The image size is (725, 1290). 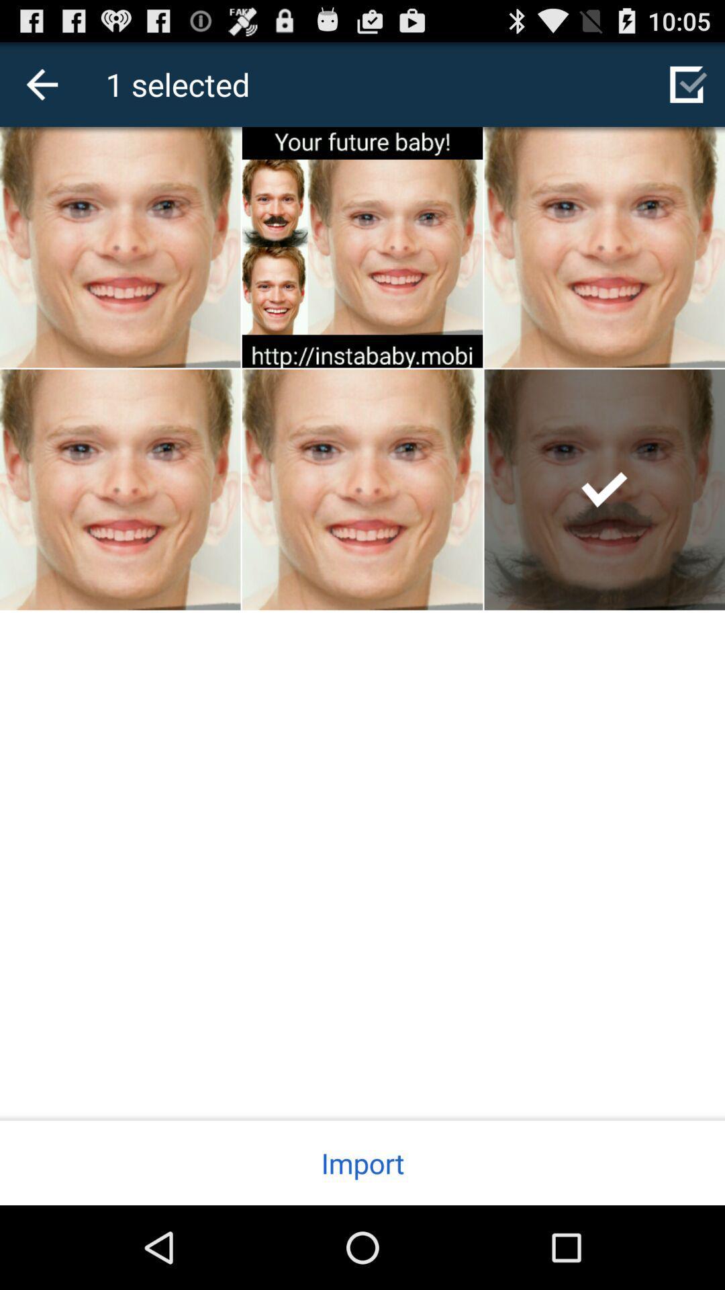 What do you see at coordinates (605, 489) in the screenshot?
I see `the image below right button` at bounding box center [605, 489].